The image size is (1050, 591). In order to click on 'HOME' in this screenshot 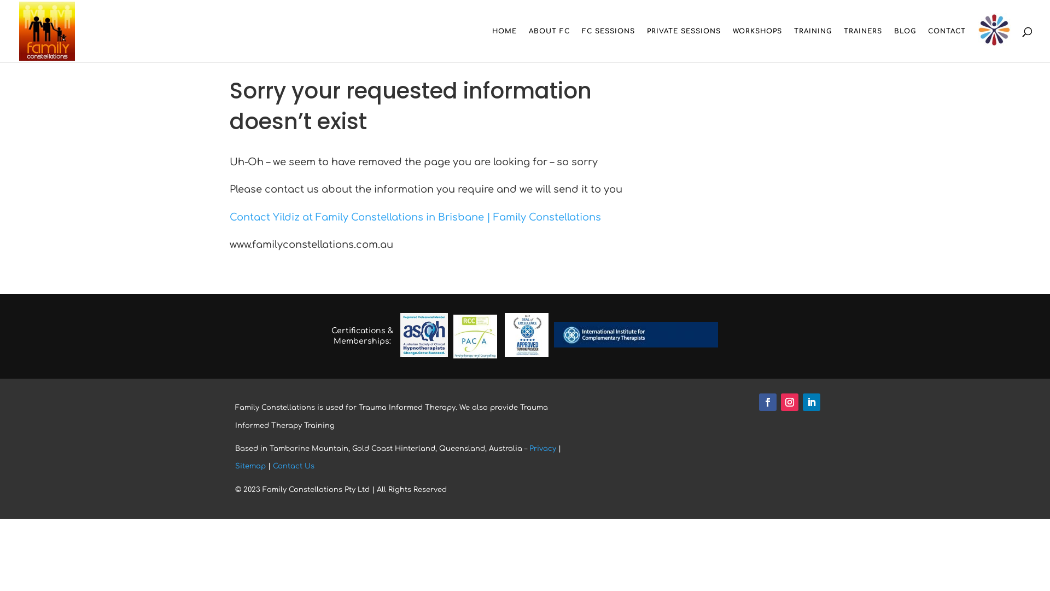, I will do `click(492, 44)`.